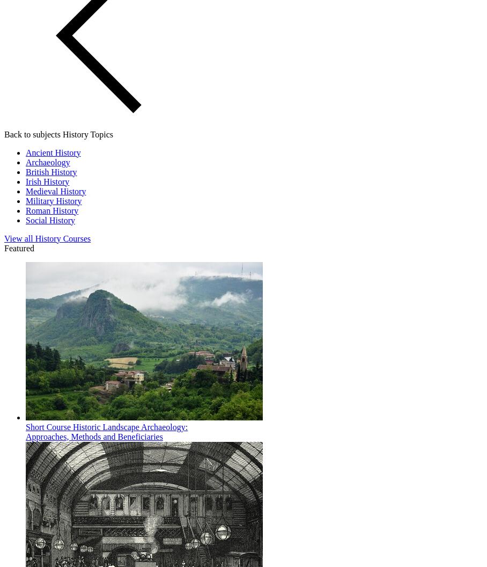 Image resolution: width=487 pixels, height=567 pixels. Describe the element at coordinates (107, 431) in the screenshot. I see `'Historic Landscape Archaeology: Approaches, Methods and Beneficiaries'` at that location.